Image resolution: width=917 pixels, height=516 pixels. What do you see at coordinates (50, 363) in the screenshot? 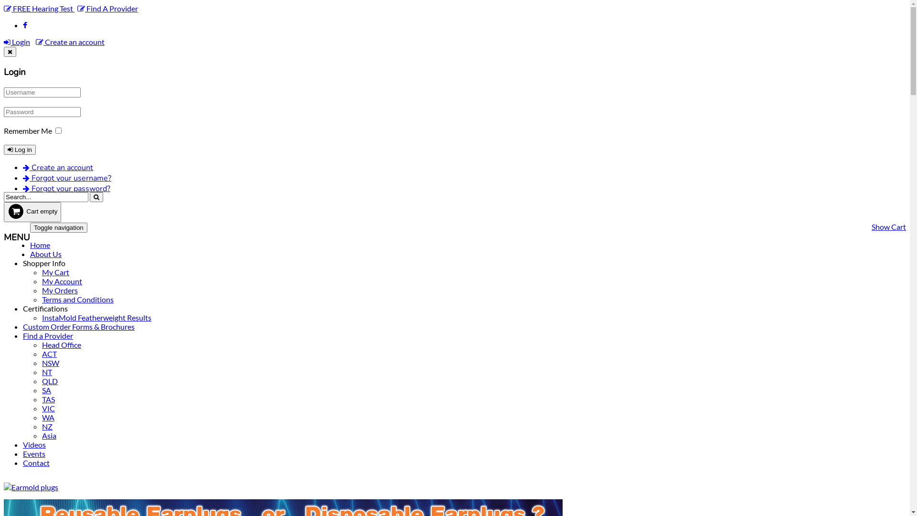
I see `'NSW'` at bounding box center [50, 363].